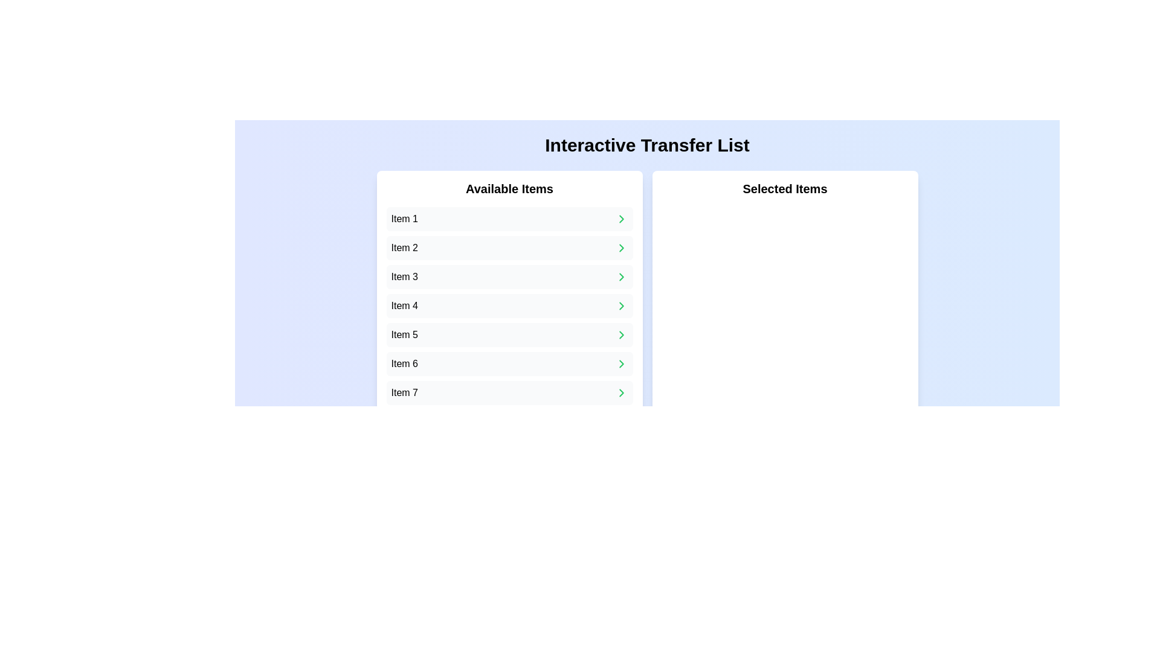  I want to click on the green arrow icon pointing to the right, located within the 'Item 5' entry of the list, so click(621, 335).